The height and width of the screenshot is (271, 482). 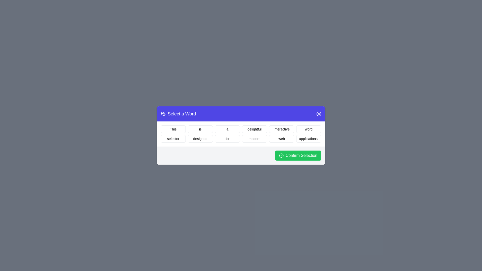 I want to click on the word modern by clicking on it, so click(x=254, y=139).